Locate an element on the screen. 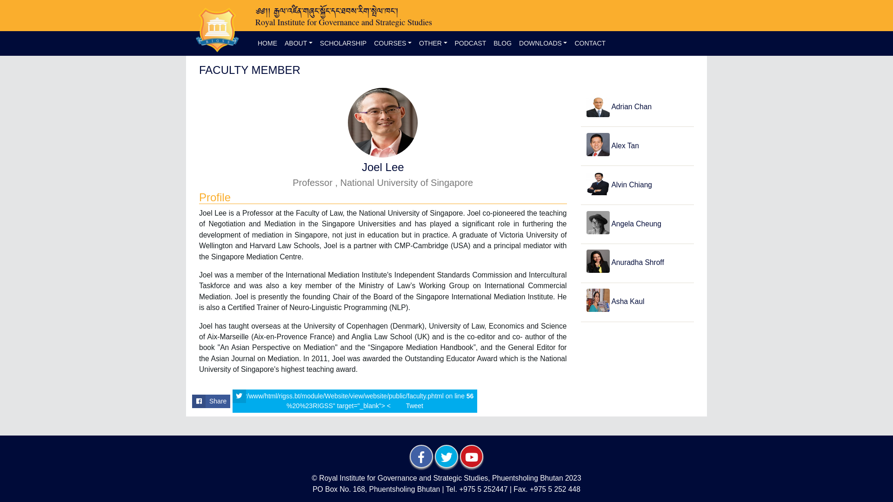  'Alvin Chiang' is located at coordinates (636, 185).